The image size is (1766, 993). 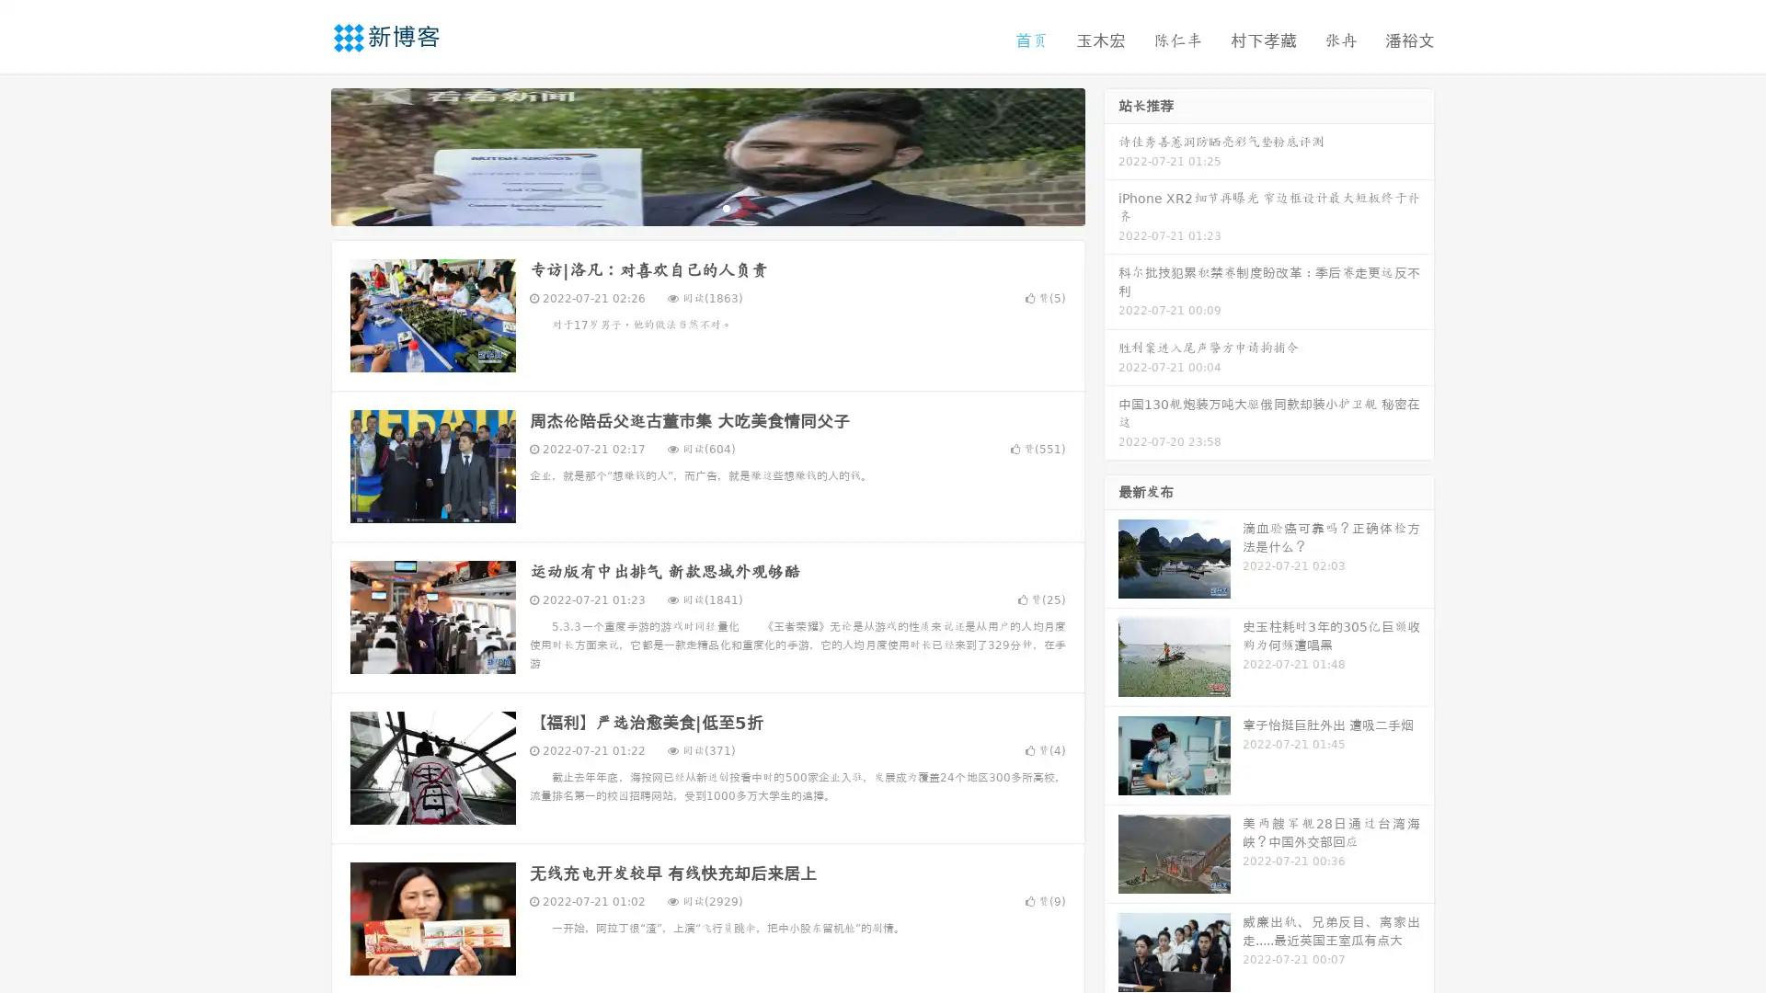 What do you see at coordinates (688, 207) in the screenshot?
I see `Go to slide 1` at bounding box center [688, 207].